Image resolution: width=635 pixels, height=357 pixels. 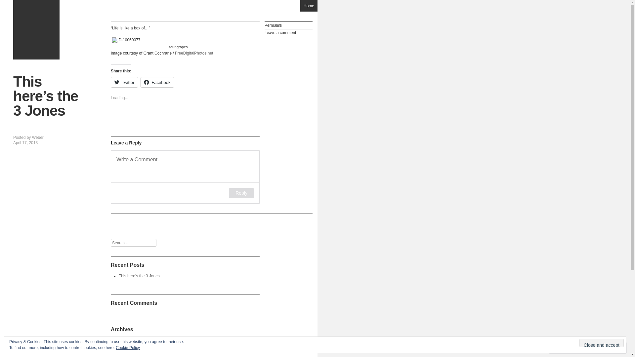 I want to click on 'Twitter', so click(x=124, y=82).